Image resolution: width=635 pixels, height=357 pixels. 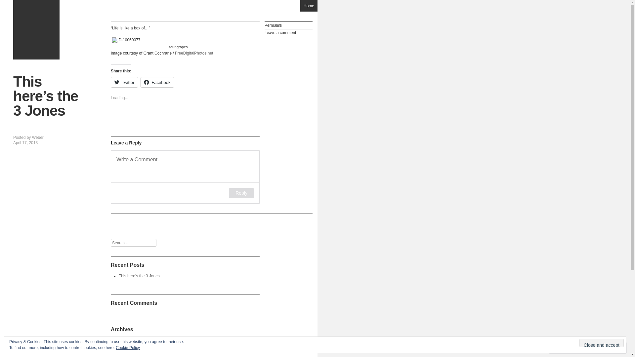 I want to click on 'Twitter', so click(x=124, y=82).